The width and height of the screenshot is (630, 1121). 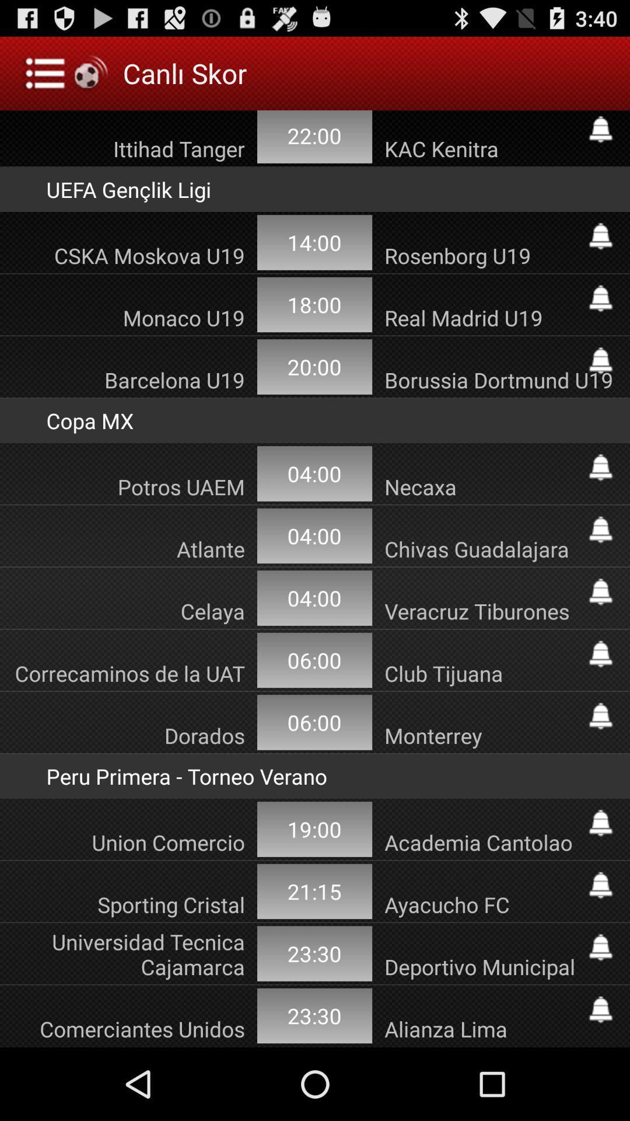 I want to click on follow universidad tecnica cajamarca deportivo municipal, so click(x=600, y=947).